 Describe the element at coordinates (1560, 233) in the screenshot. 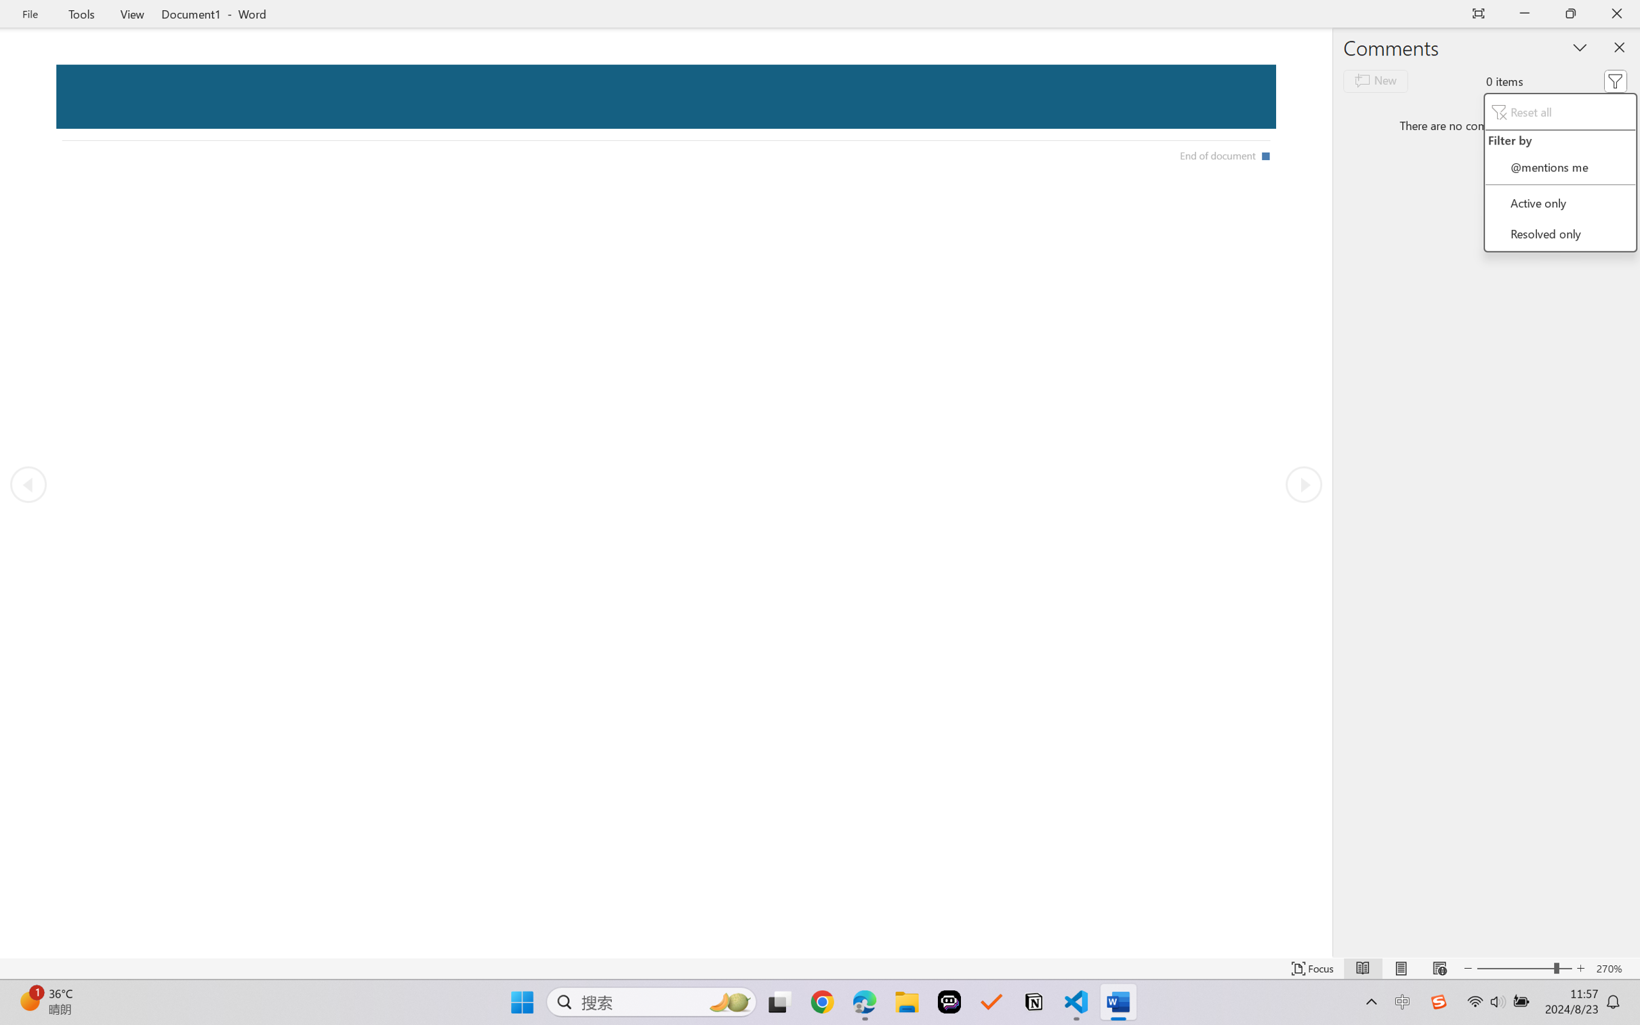

I see `'Resolved only'` at that location.